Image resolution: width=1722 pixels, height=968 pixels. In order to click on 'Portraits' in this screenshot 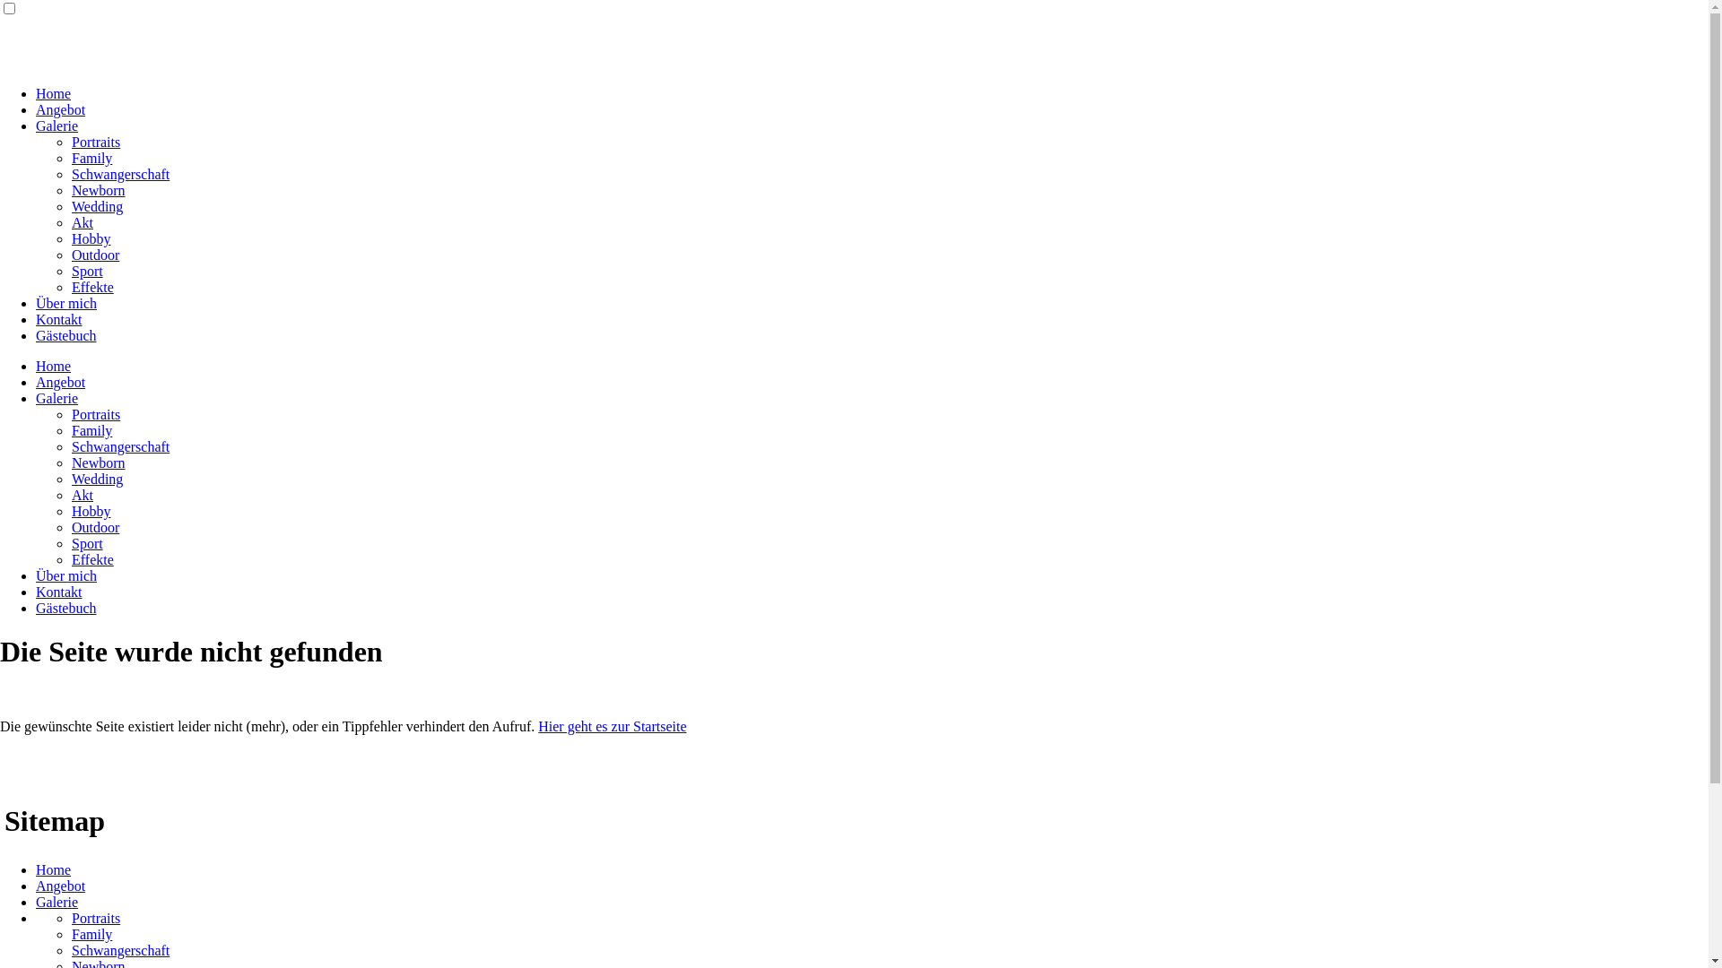, I will do `click(94, 141)`.